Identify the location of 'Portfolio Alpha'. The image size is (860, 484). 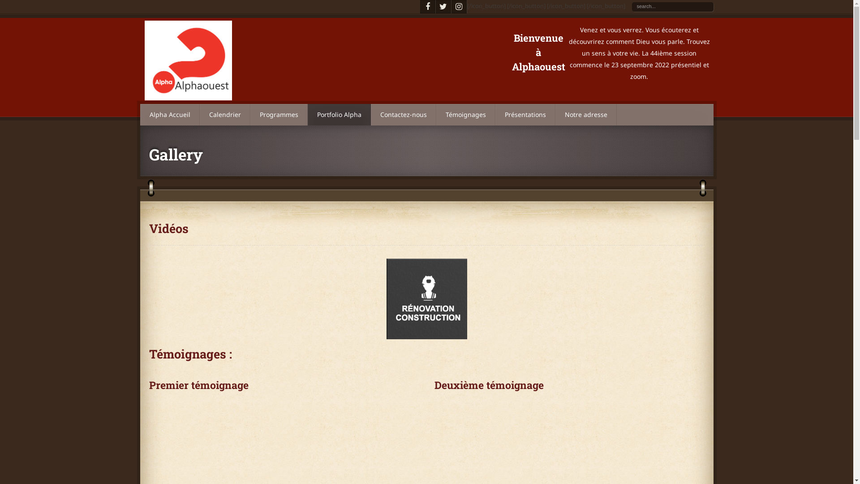
(307, 114).